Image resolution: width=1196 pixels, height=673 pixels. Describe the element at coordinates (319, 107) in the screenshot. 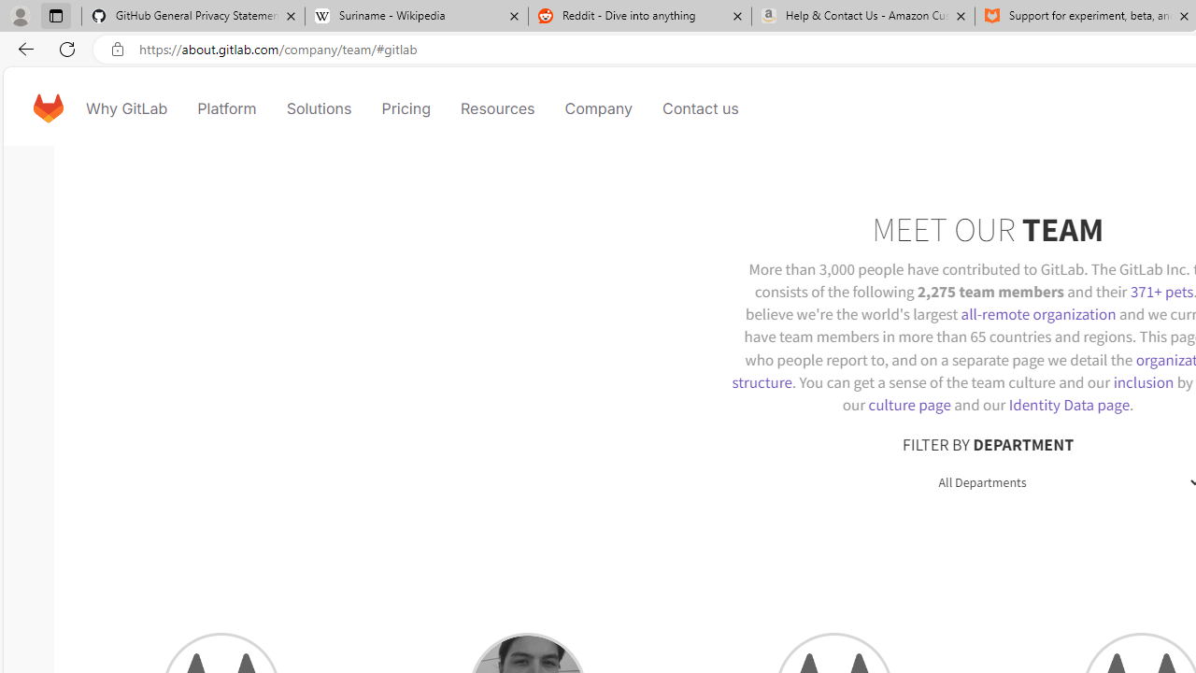

I see `'Solutions'` at that location.